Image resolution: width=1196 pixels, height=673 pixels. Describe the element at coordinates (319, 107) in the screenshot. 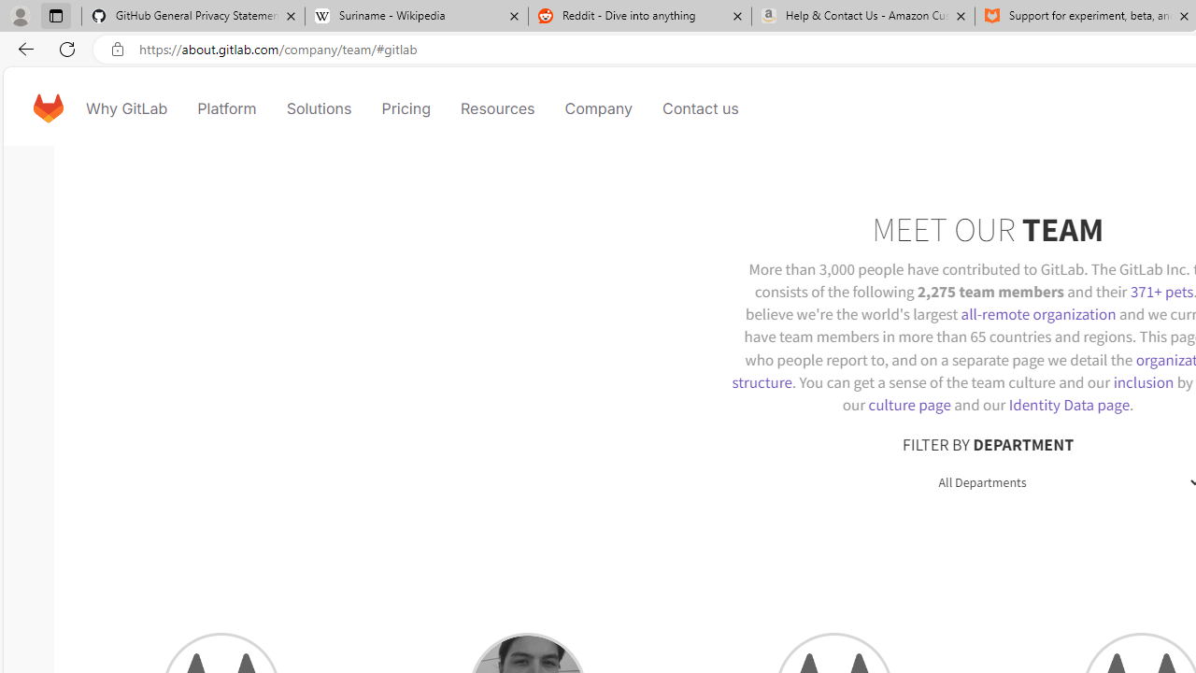

I see `'Solutions'` at that location.